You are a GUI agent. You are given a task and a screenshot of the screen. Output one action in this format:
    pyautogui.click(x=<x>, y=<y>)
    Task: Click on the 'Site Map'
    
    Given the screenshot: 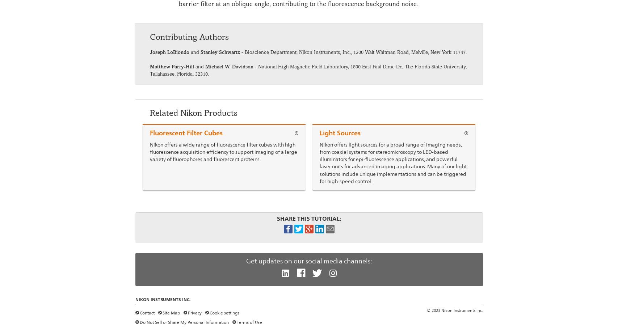 What is the action you would take?
    pyautogui.click(x=171, y=313)
    